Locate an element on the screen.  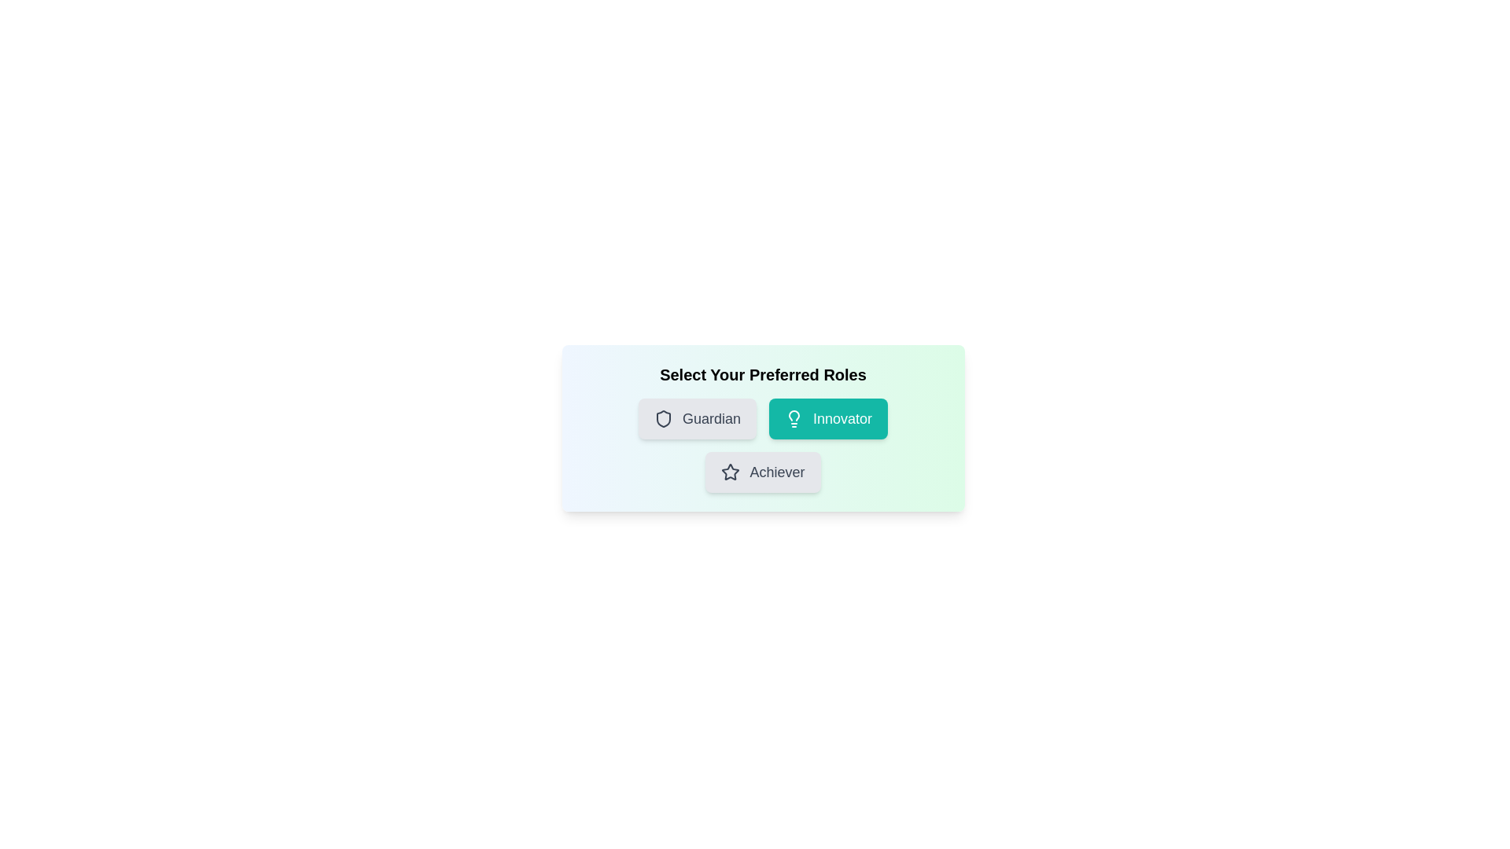
the role card Achiever is located at coordinates (763, 472).